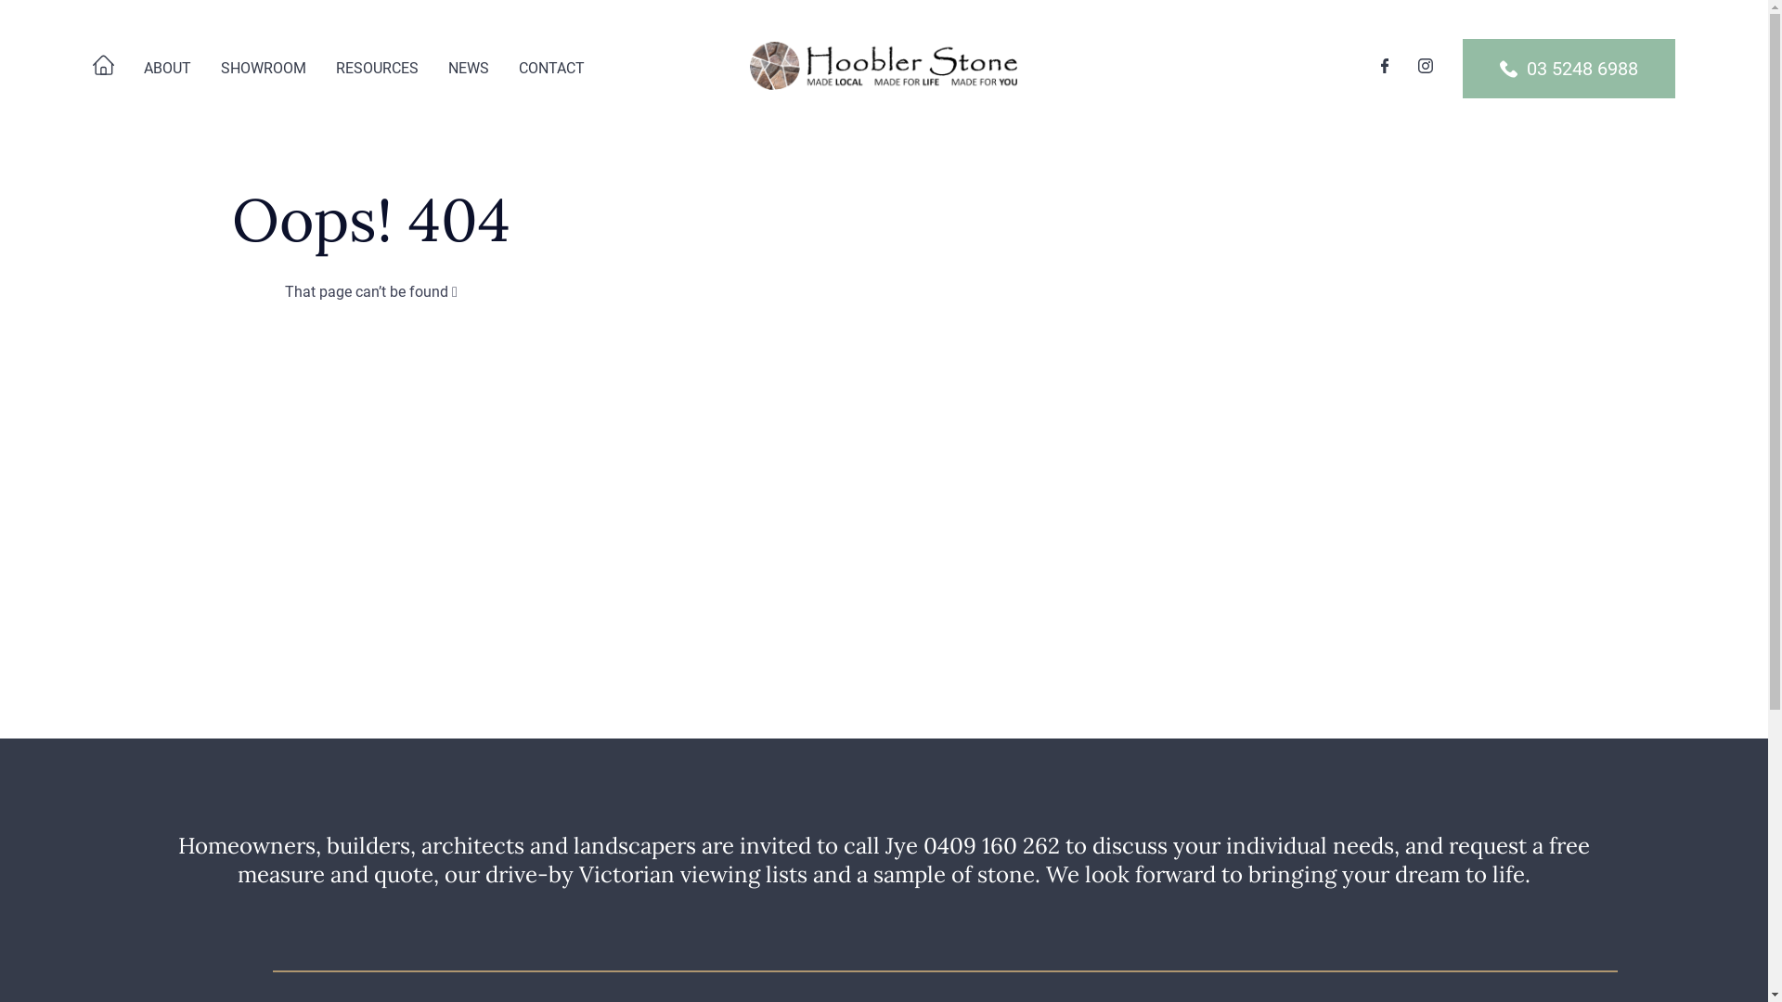 This screenshot has width=1782, height=1002. Describe the element at coordinates (262, 67) in the screenshot. I see `'SHOWROOM'` at that location.